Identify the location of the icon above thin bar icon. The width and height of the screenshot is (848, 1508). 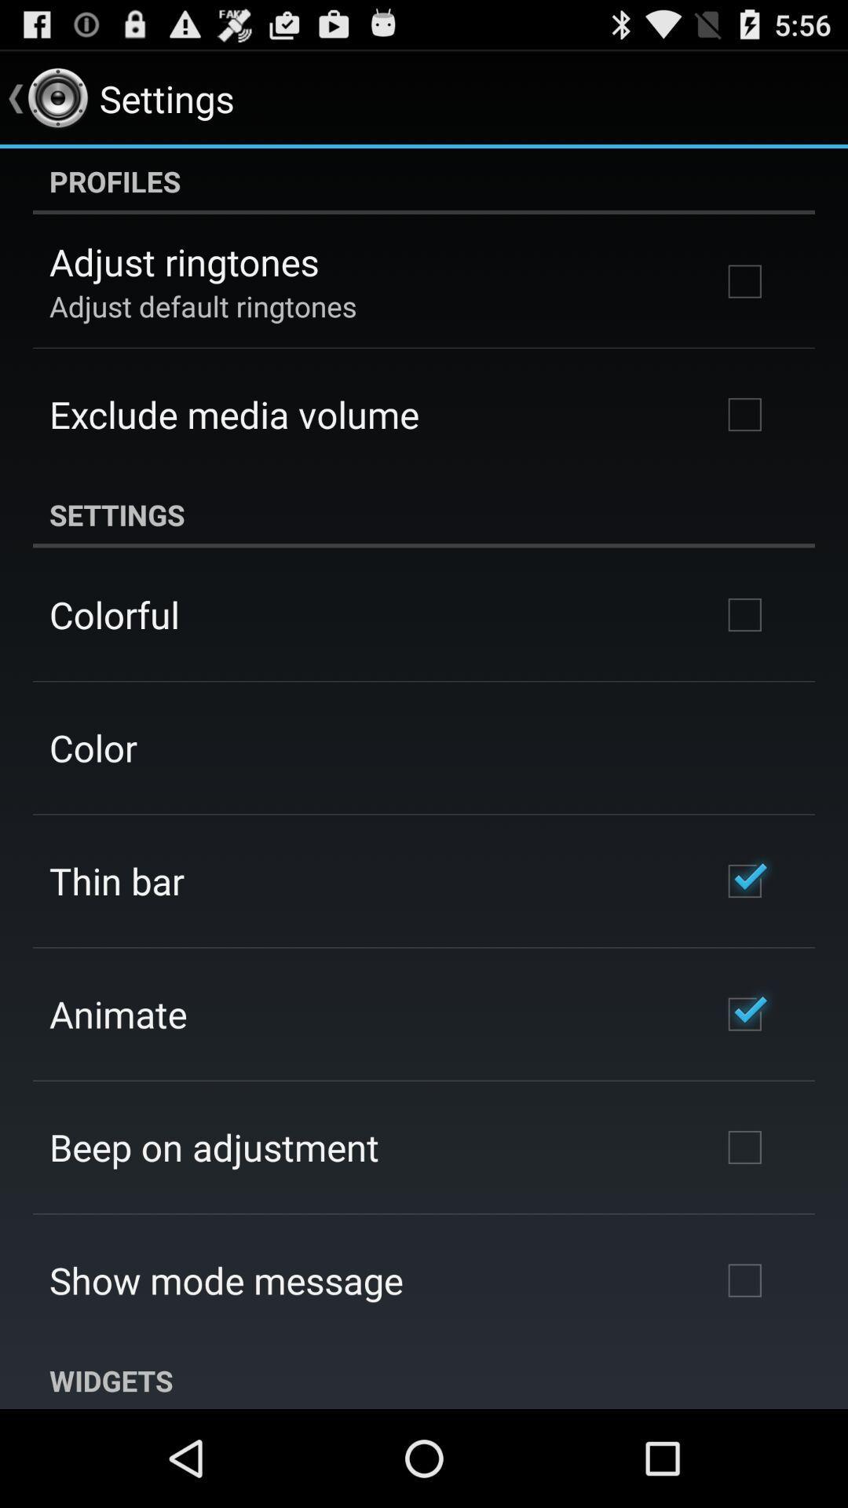
(93, 747).